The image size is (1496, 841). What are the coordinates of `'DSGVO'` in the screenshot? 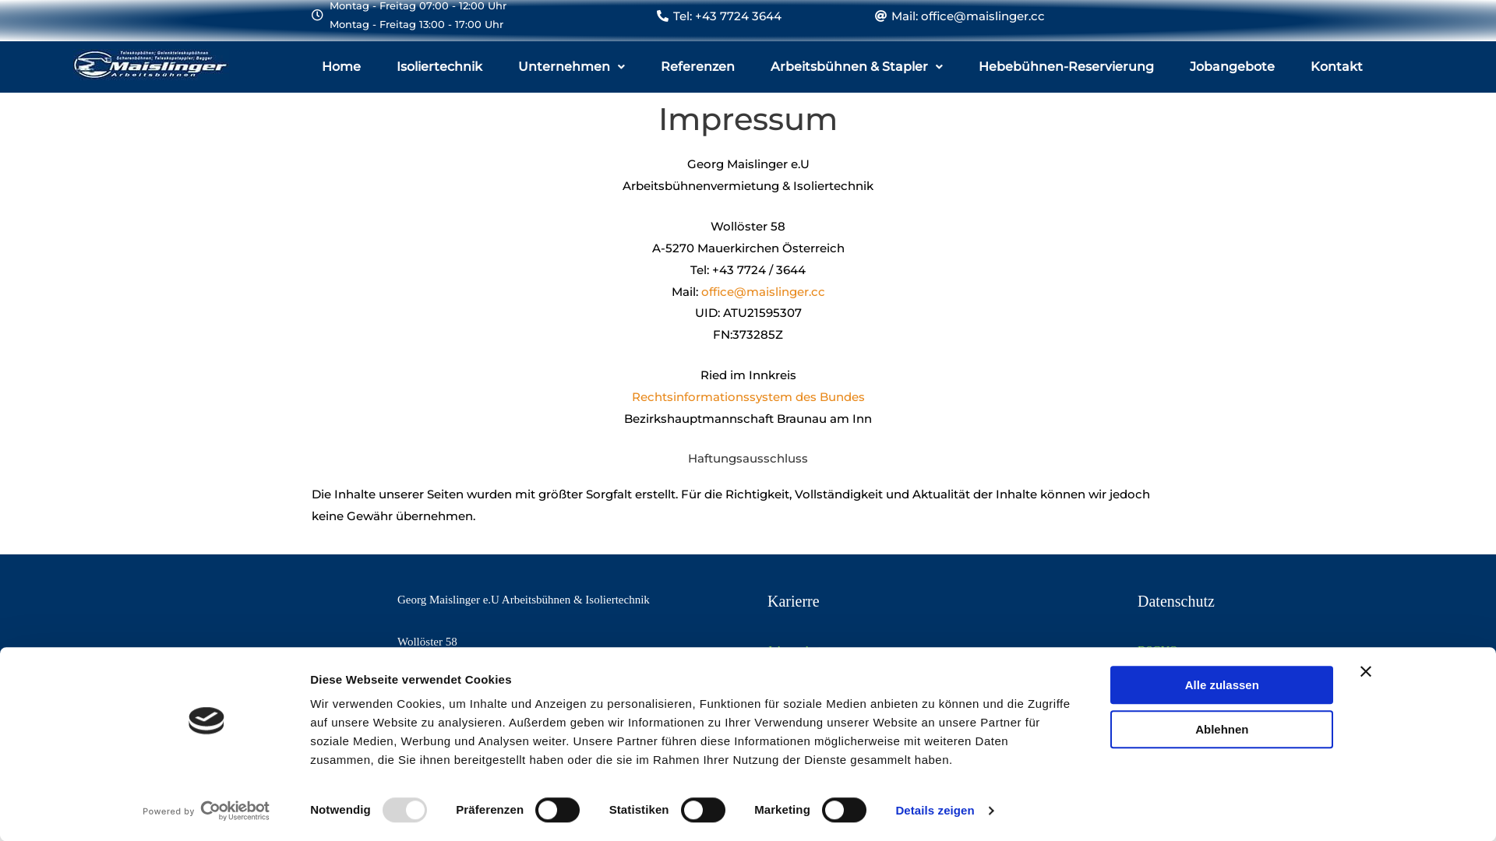 It's located at (1158, 649).